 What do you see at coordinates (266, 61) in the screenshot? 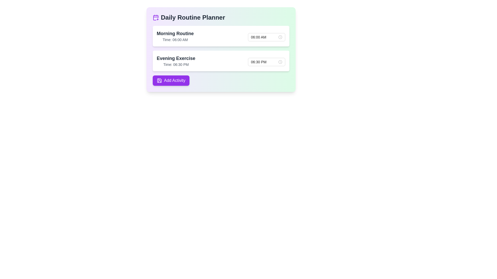
I see `the Time picker input field displaying '06:30 PM' to interact and select time` at bounding box center [266, 61].